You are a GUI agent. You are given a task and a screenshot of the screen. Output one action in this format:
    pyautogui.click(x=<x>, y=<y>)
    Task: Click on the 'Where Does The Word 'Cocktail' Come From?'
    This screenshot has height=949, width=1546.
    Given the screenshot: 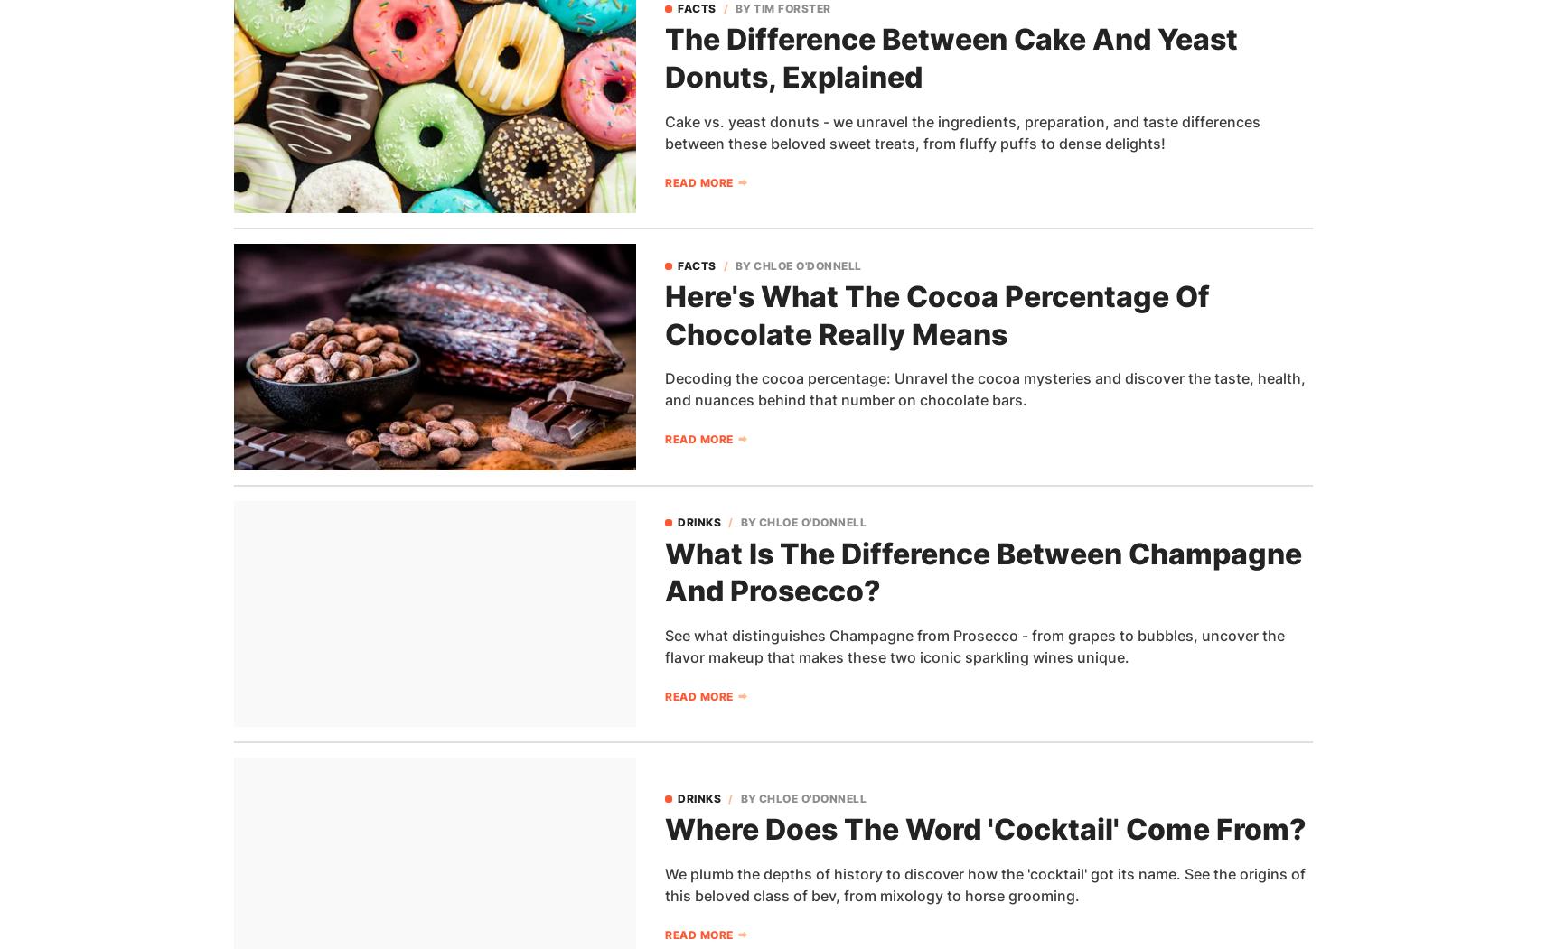 What is the action you would take?
    pyautogui.click(x=985, y=829)
    